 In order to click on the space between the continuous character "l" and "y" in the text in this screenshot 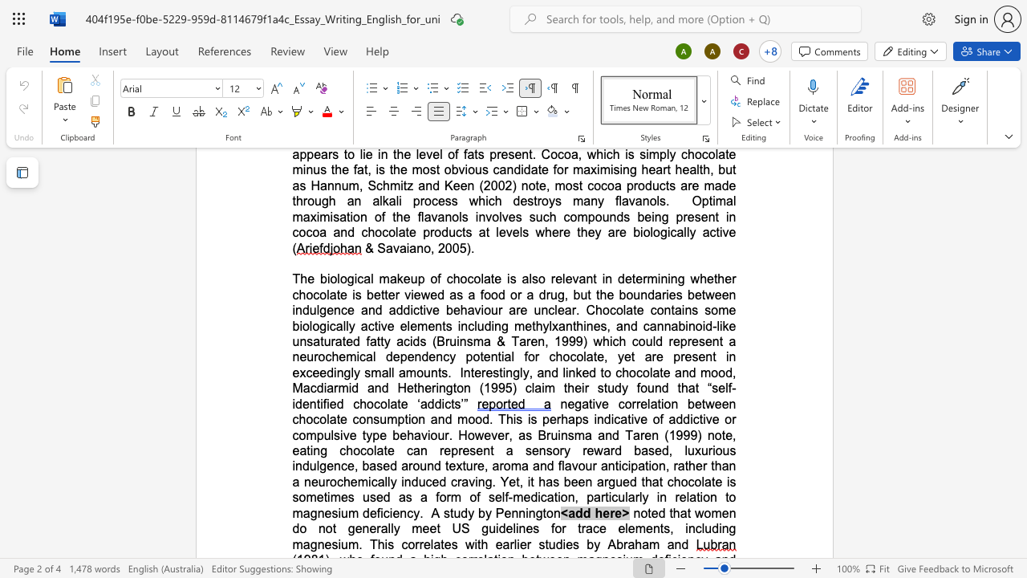, I will do `click(690, 232)`.